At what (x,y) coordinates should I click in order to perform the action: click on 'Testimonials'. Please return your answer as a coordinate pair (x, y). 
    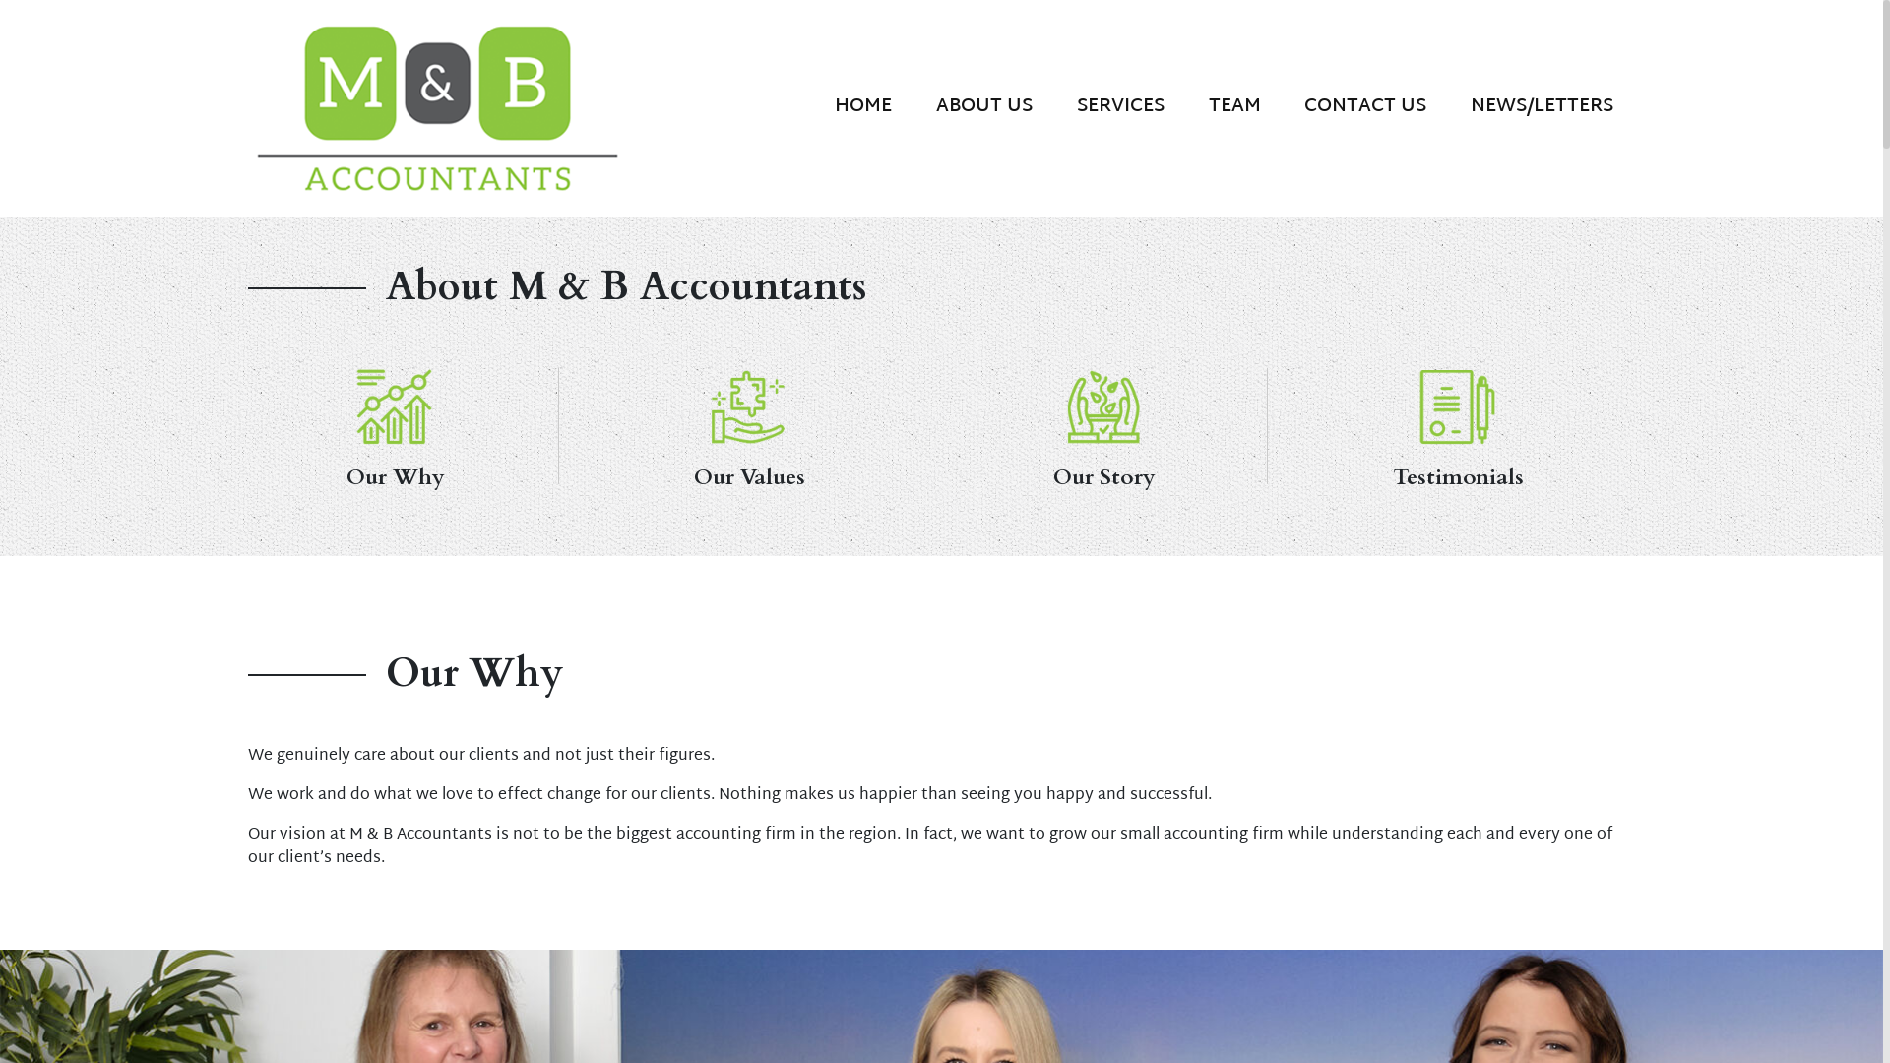
    Looking at the image, I should click on (1459, 406).